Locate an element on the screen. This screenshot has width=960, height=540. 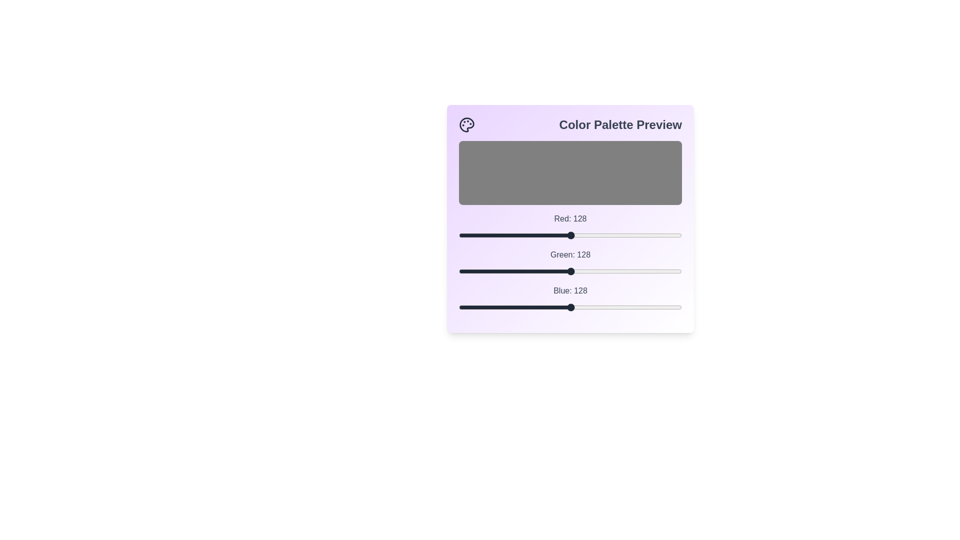
the green color value is located at coordinates (580, 271).